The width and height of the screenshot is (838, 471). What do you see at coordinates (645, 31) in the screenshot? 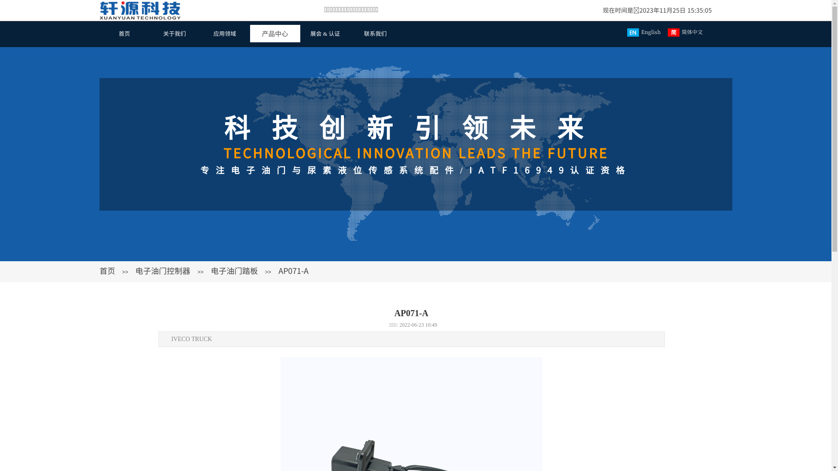
I see `'English'` at bounding box center [645, 31].